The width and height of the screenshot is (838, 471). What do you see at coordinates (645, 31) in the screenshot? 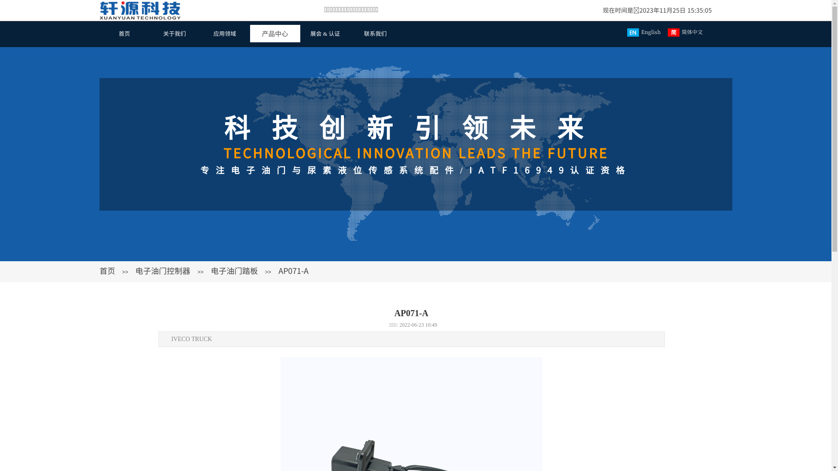
I see `'English'` at bounding box center [645, 31].